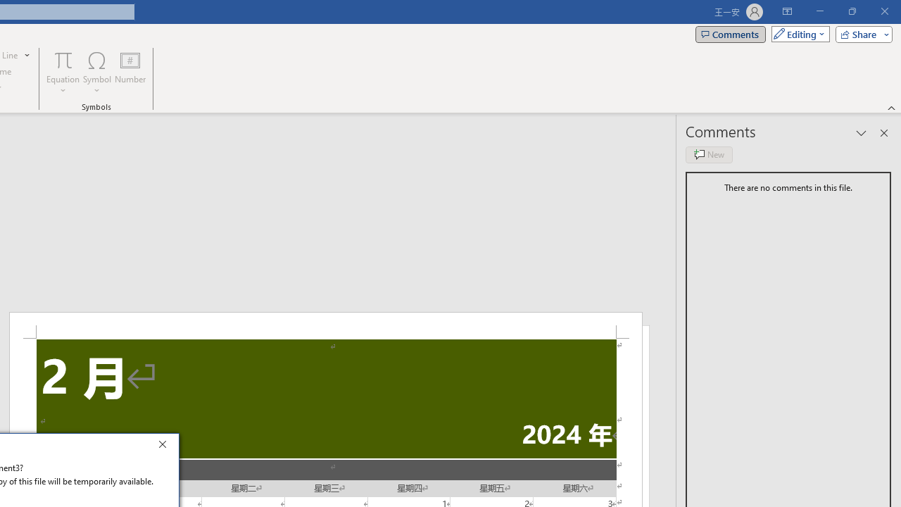 The height and width of the screenshot is (507, 901). I want to click on 'Collapse the Ribbon', so click(891, 107).